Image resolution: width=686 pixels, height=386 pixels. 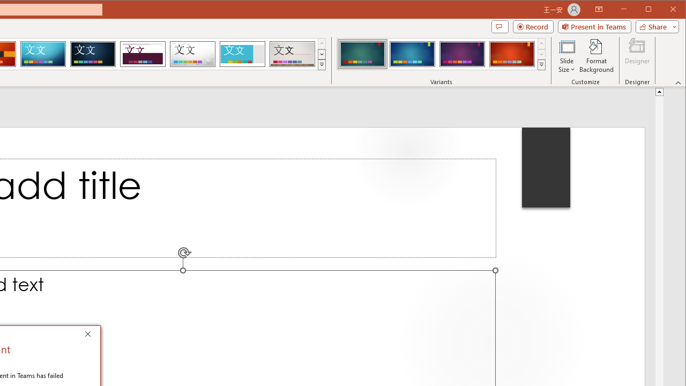 What do you see at coordinates (637, 56) in the screenshot?
I see `'Designer'` at bounding box center [637, 56].